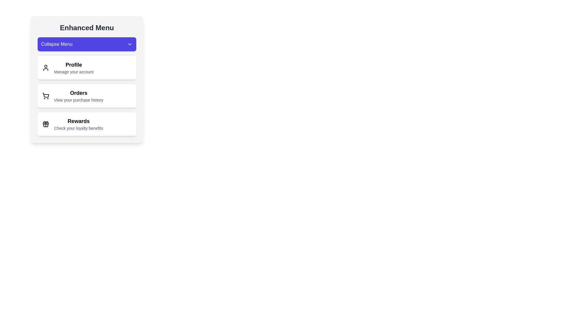 The height and width of the screenshot is (317, 564). Describe the element at coordinates (73, 65) in the screenshot. I see `the 'Profile' text label, which is bold and black, indicating a heading above the 'Manage your account' text in the menu interface` at that location.